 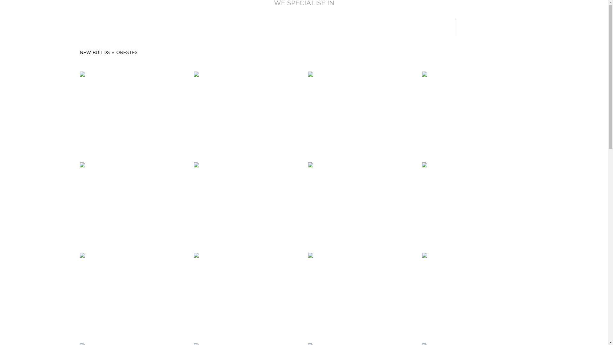 I want to click on 'CONTACT', so click(x=392, y=26).